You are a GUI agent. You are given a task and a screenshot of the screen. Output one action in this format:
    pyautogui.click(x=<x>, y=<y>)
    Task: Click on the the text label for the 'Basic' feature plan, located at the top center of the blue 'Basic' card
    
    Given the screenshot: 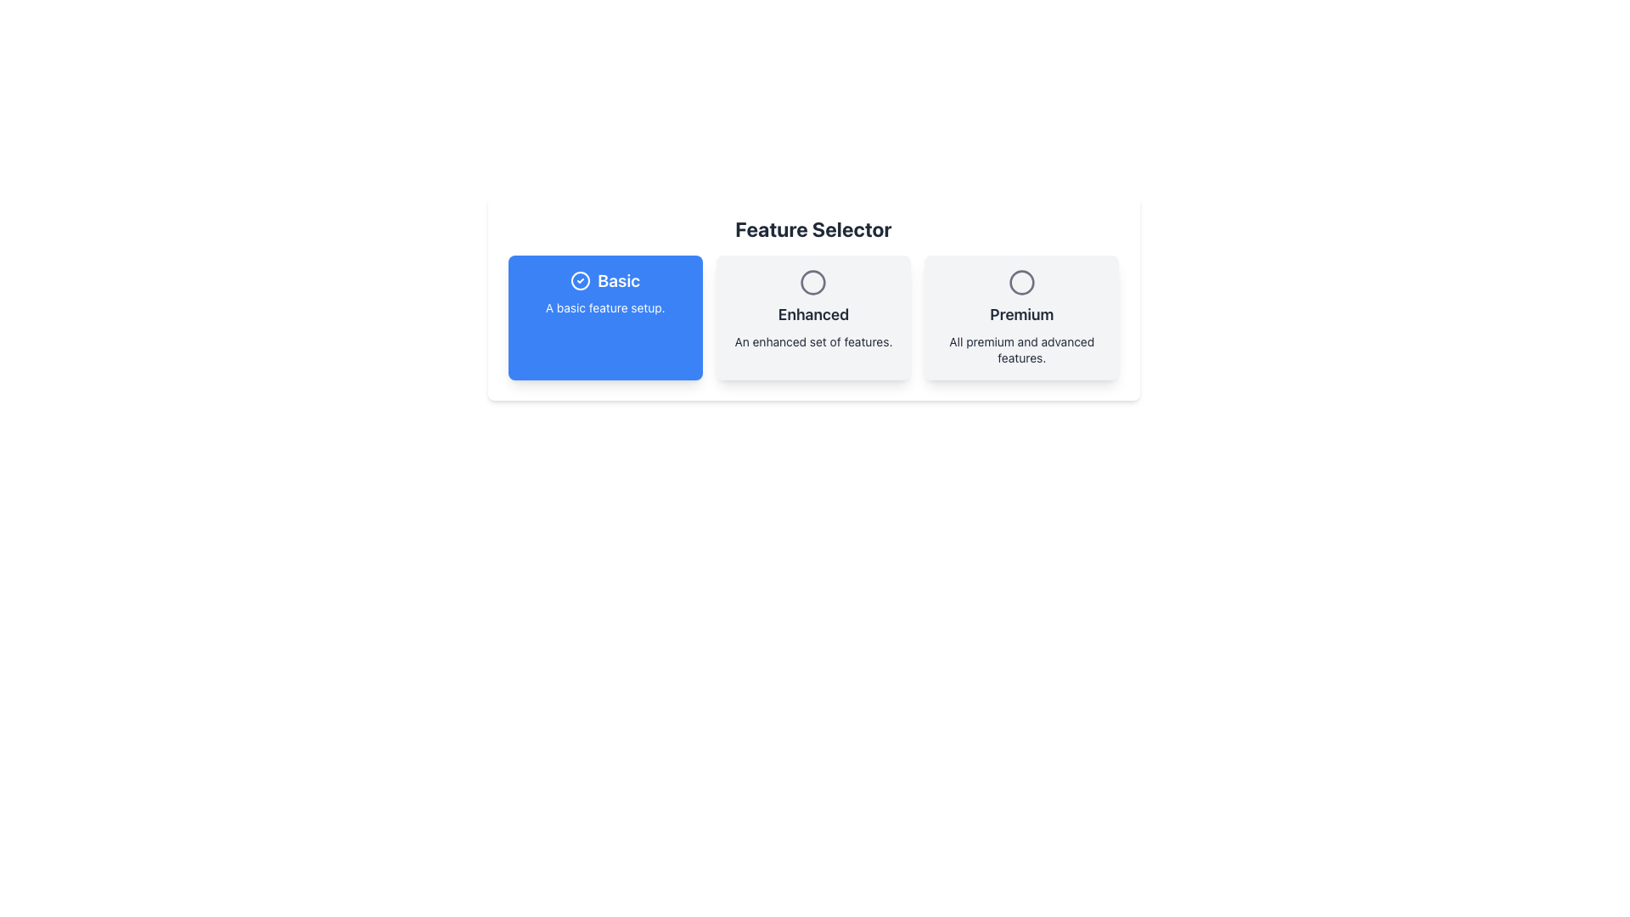 What is the action you would take?
    pyautogui.click(x=605, y=280)
    